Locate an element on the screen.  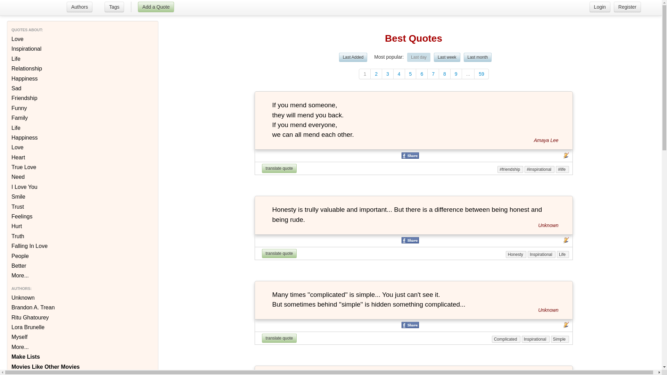
'Tags' is located at coordinates (114, 7).